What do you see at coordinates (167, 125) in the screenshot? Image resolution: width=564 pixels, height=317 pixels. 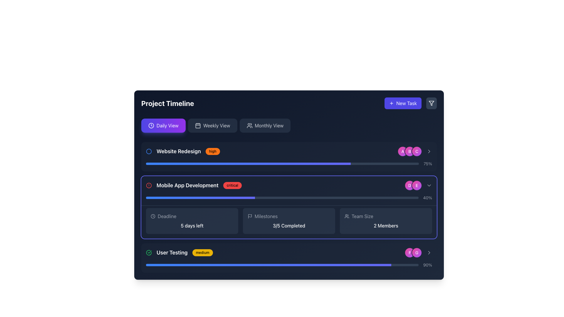 I see `the button labeled 'Daily View' which is styled with a bold white font on a gradient purple background, located in the upper-left section of the interface` at bounding box center [167, 125].